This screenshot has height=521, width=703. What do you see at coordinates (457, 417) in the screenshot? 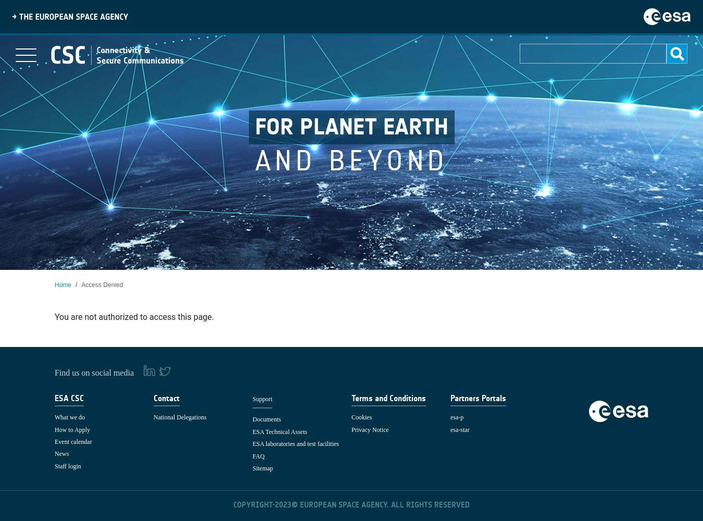
I see `'esa-p'` at bounding box center [457, 417].